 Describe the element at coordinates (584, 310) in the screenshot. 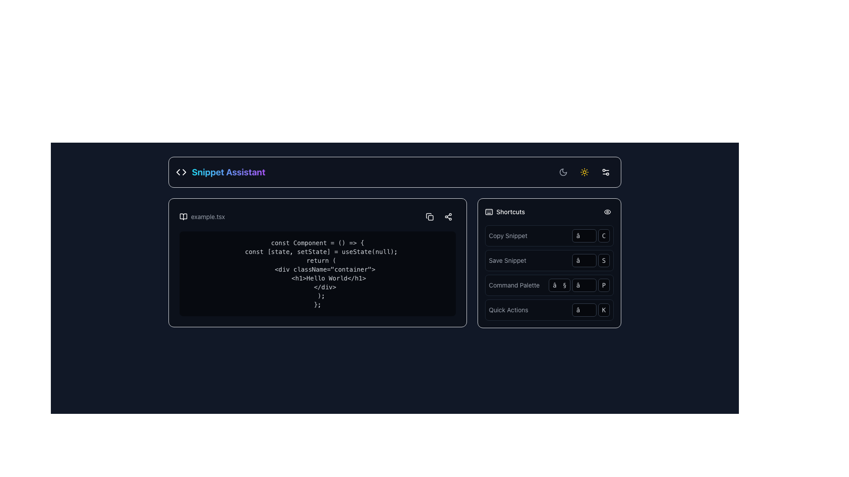

I see `the leftmost button in the '⌘K' group, which features a semi-transparent black background with a centered light gray '⌘' character` at that location.